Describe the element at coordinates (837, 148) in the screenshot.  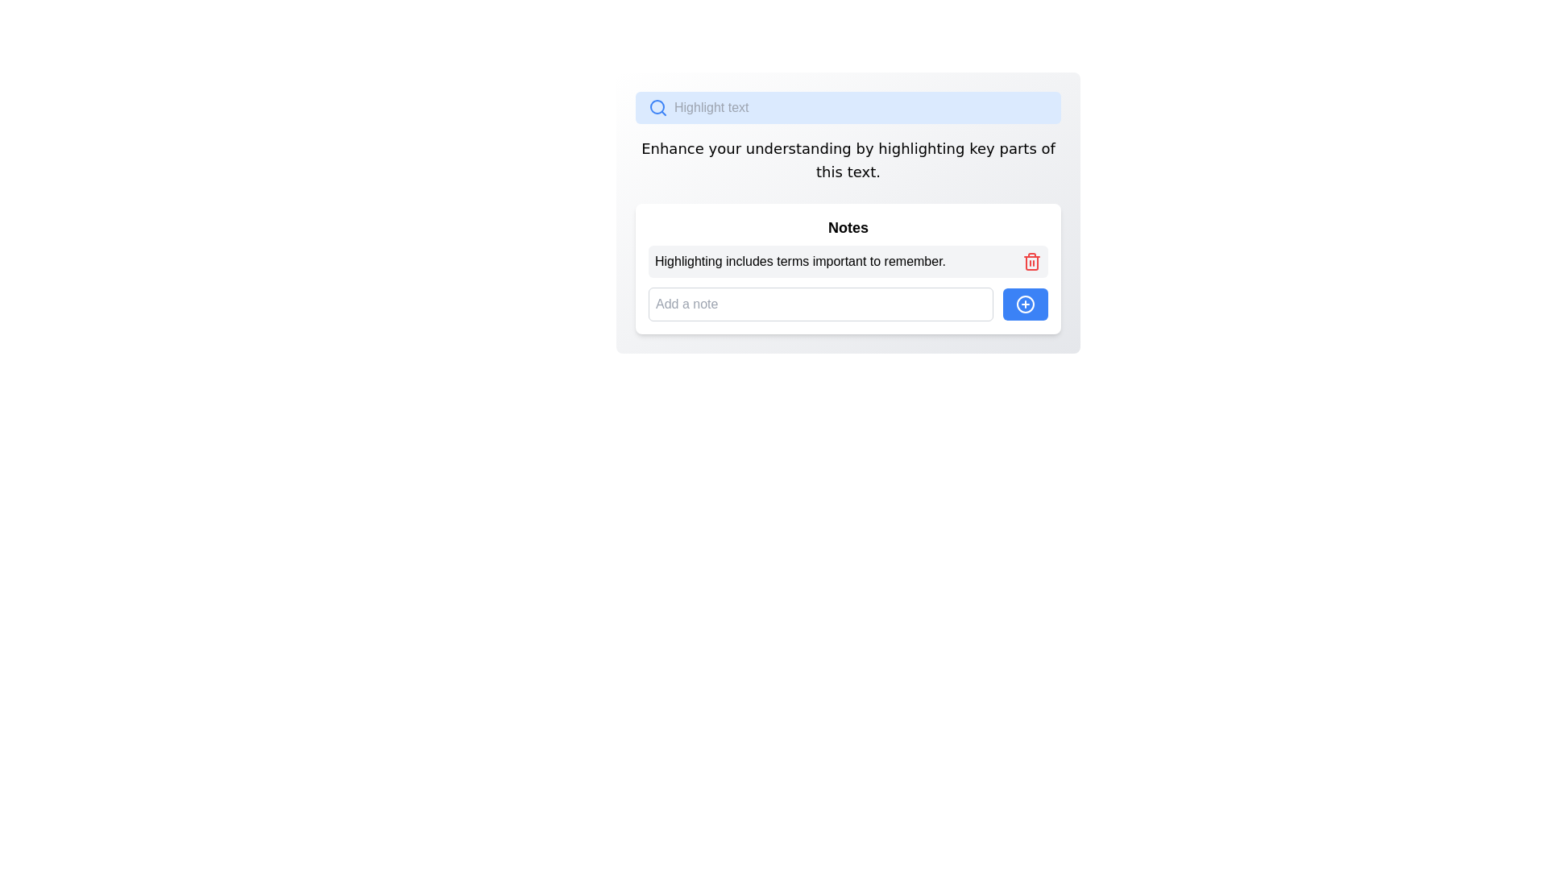
I see `the letter 'n' in the word 'understanding', which is centrally positioned below the search bar and above the notes section` at that location.